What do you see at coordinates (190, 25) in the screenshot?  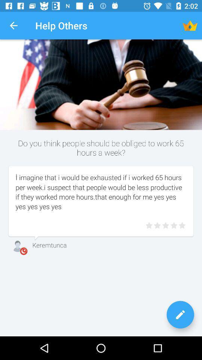 I see `the item at the top right corner` at bounding box center [190, 25].